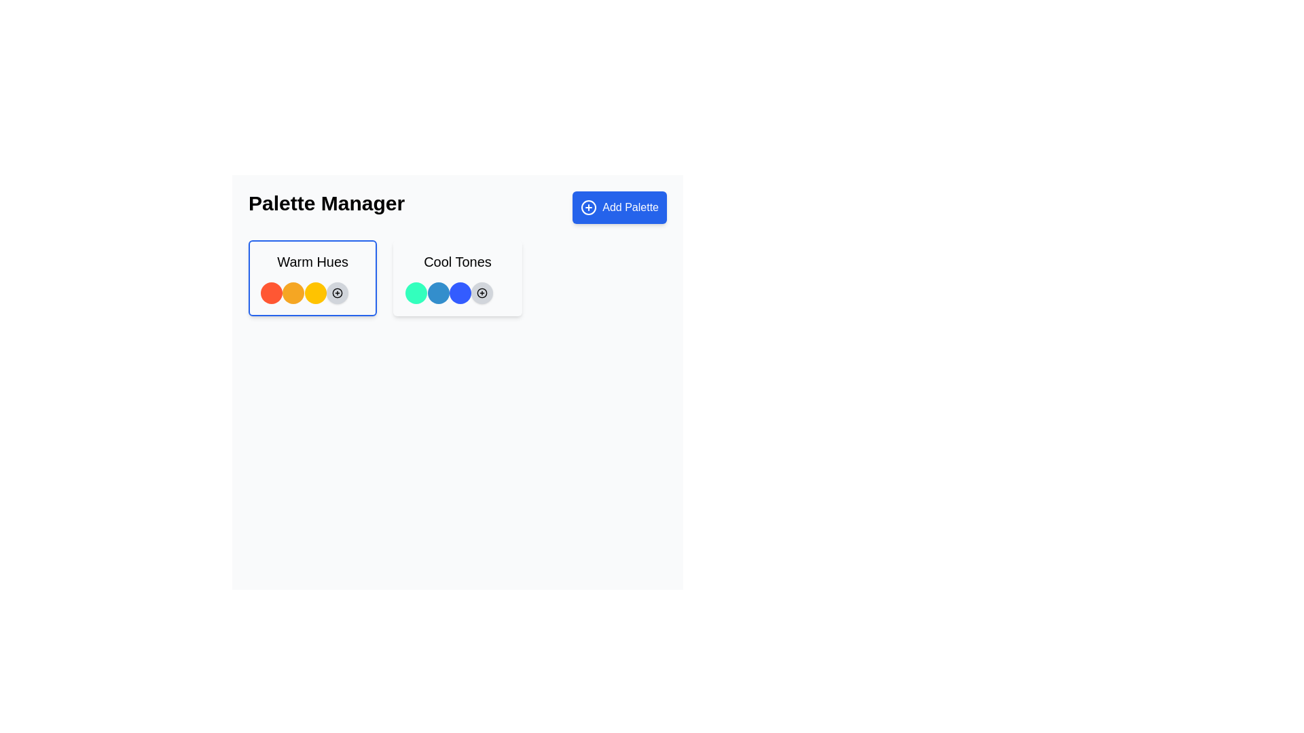 This screenshot has width=1304, height=733. What do you see at coordinates (589, 207) in the screenshot?
I see `the 'Add Palette' button, which is identified by its SVG circle icon positioned at the top-right corner of the interface` at bounding box center [589, 207].